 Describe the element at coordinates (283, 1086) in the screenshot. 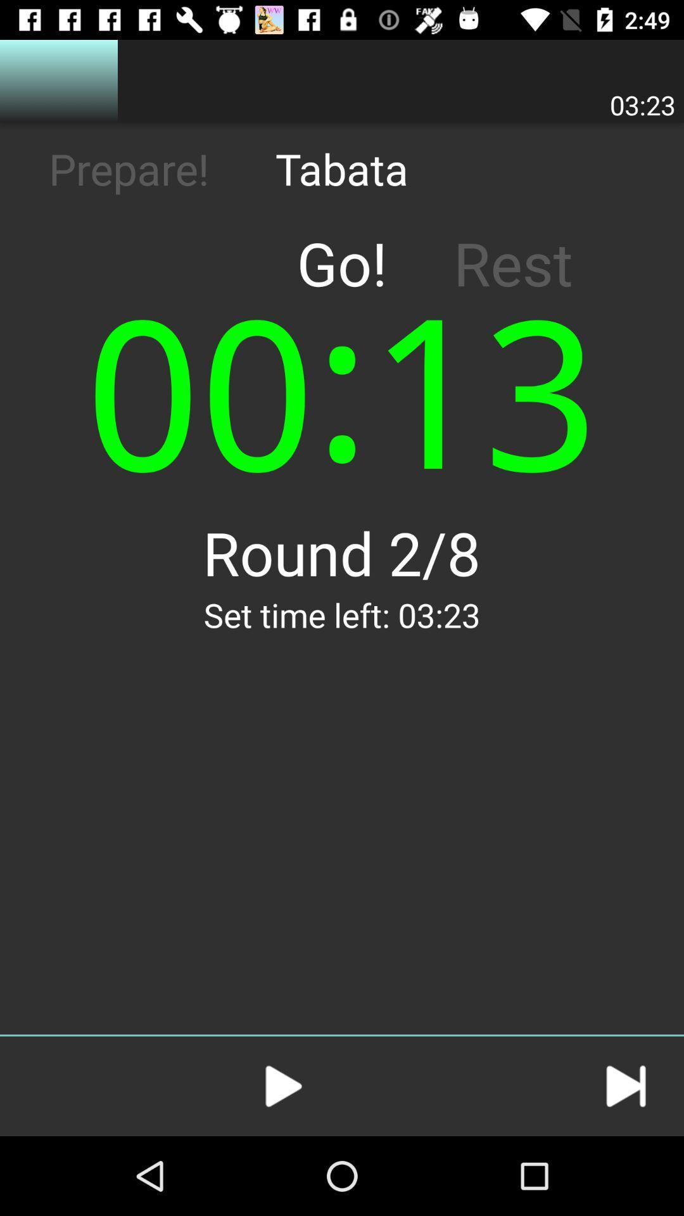

I see `button` at that location.